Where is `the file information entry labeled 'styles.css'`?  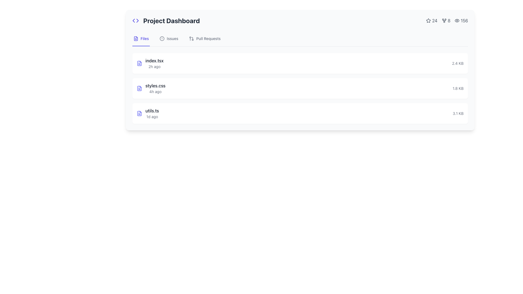 the file information entry labeled 'styles.css' is located at coordinates (155, 88).